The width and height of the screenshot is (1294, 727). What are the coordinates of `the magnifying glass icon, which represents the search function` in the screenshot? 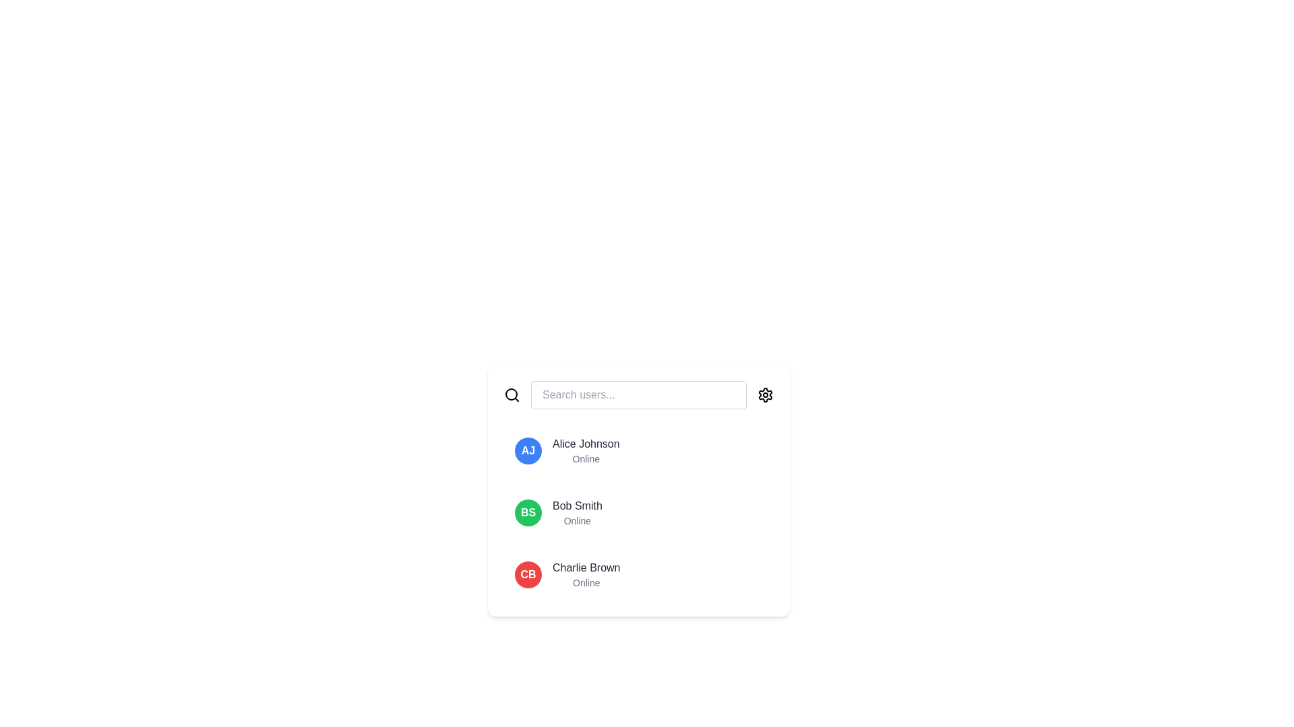 It's located at (511, 394).